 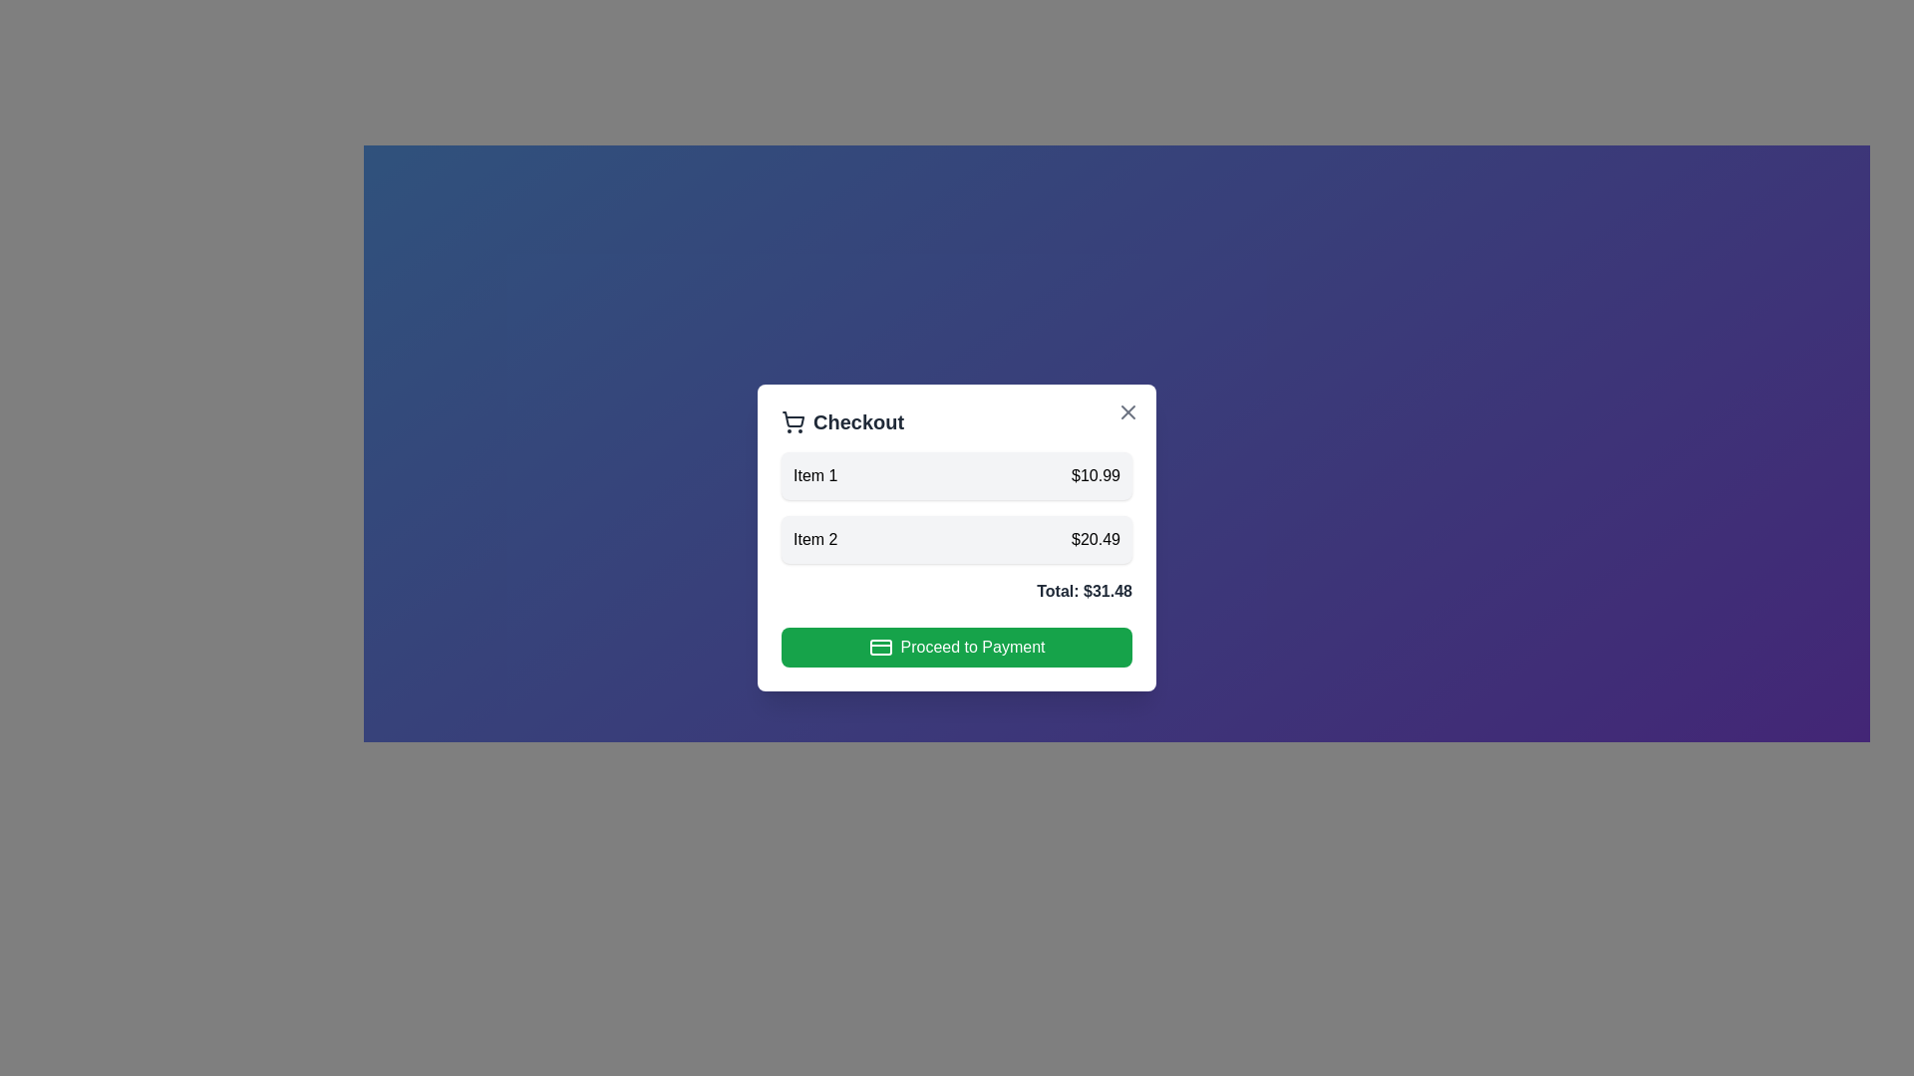 What do you see at coordinates (1095, 540) in the screenshot?
I see `the price label indicating the price of an item in the checkout summary, located directly to the right of the label 'Item 2'` at bounding box center [1095, 540].